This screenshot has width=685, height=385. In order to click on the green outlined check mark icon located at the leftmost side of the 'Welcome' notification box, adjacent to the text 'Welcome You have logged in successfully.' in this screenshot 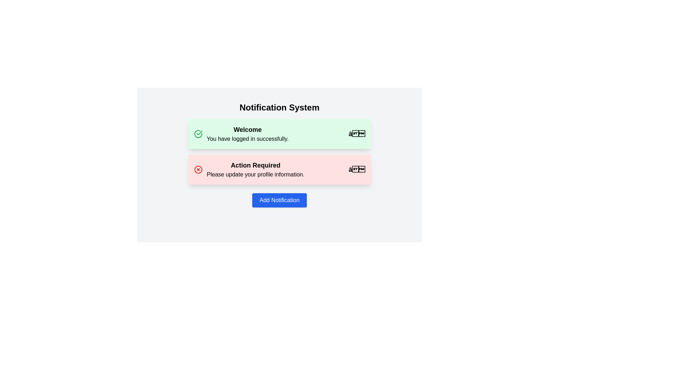, I will do `click(198, 134)`.